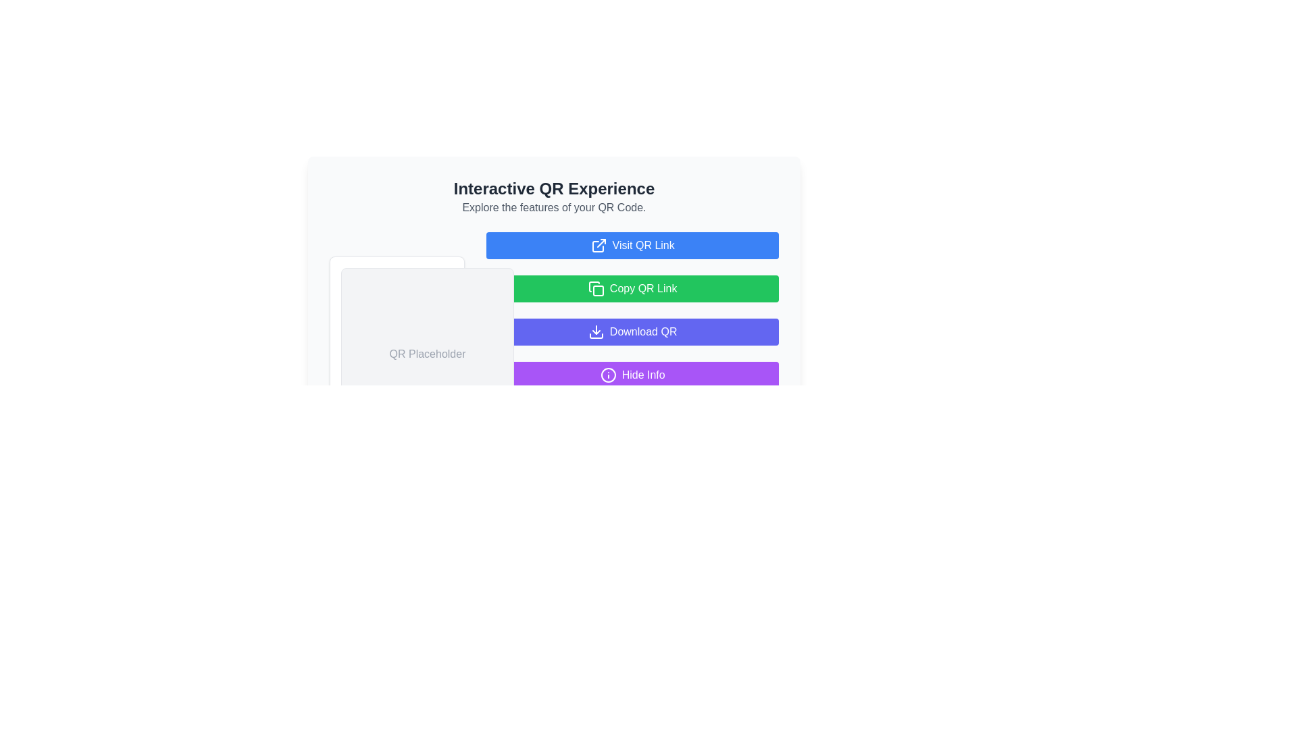  I want to click on the Decorative icon element, which is a small rectangular shape with rounded corners, located near the center-right of the interface, part of a copy icon next to the green 'Copy QR Link' button, so click(597, 290).